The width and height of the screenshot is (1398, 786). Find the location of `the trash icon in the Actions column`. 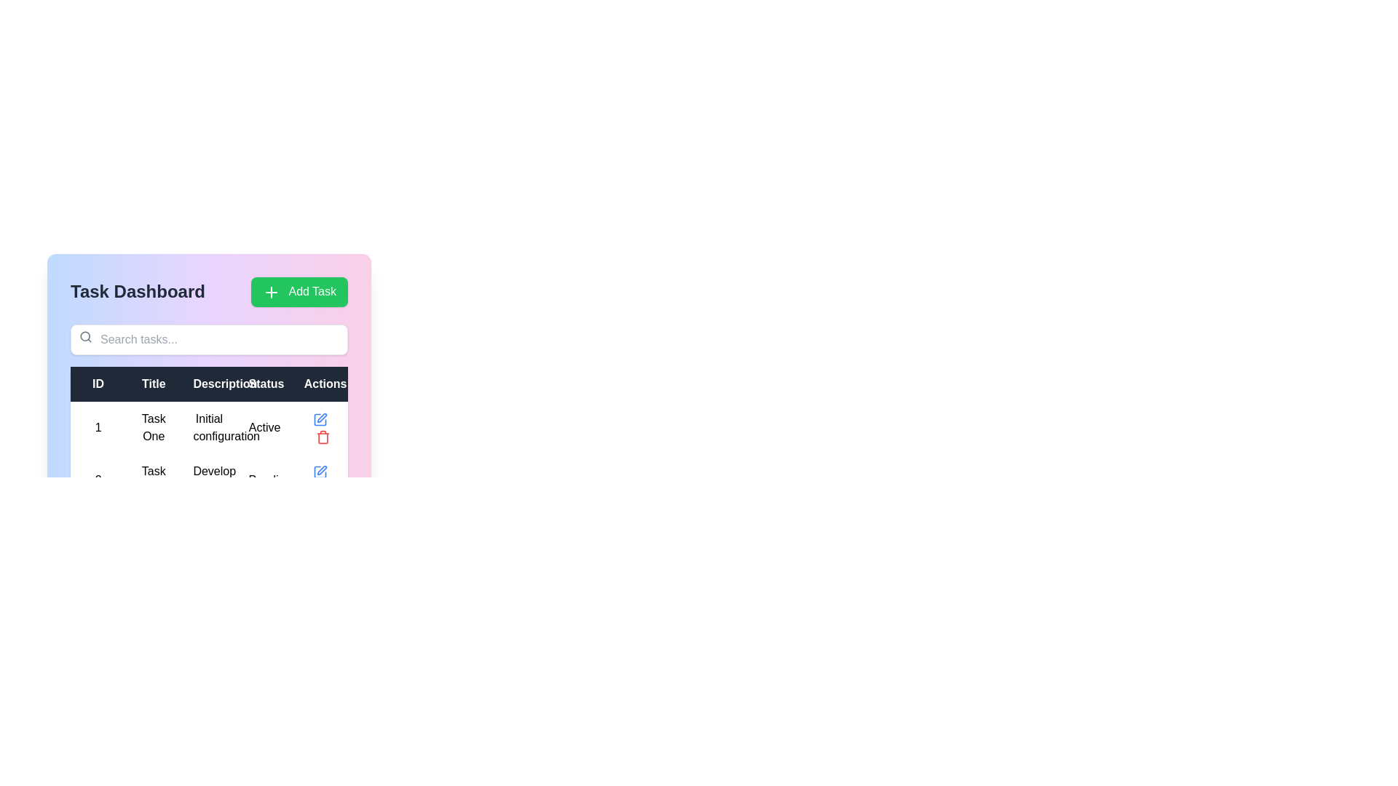

the trash icon in the Actions column is located at coordinates (319, 426).